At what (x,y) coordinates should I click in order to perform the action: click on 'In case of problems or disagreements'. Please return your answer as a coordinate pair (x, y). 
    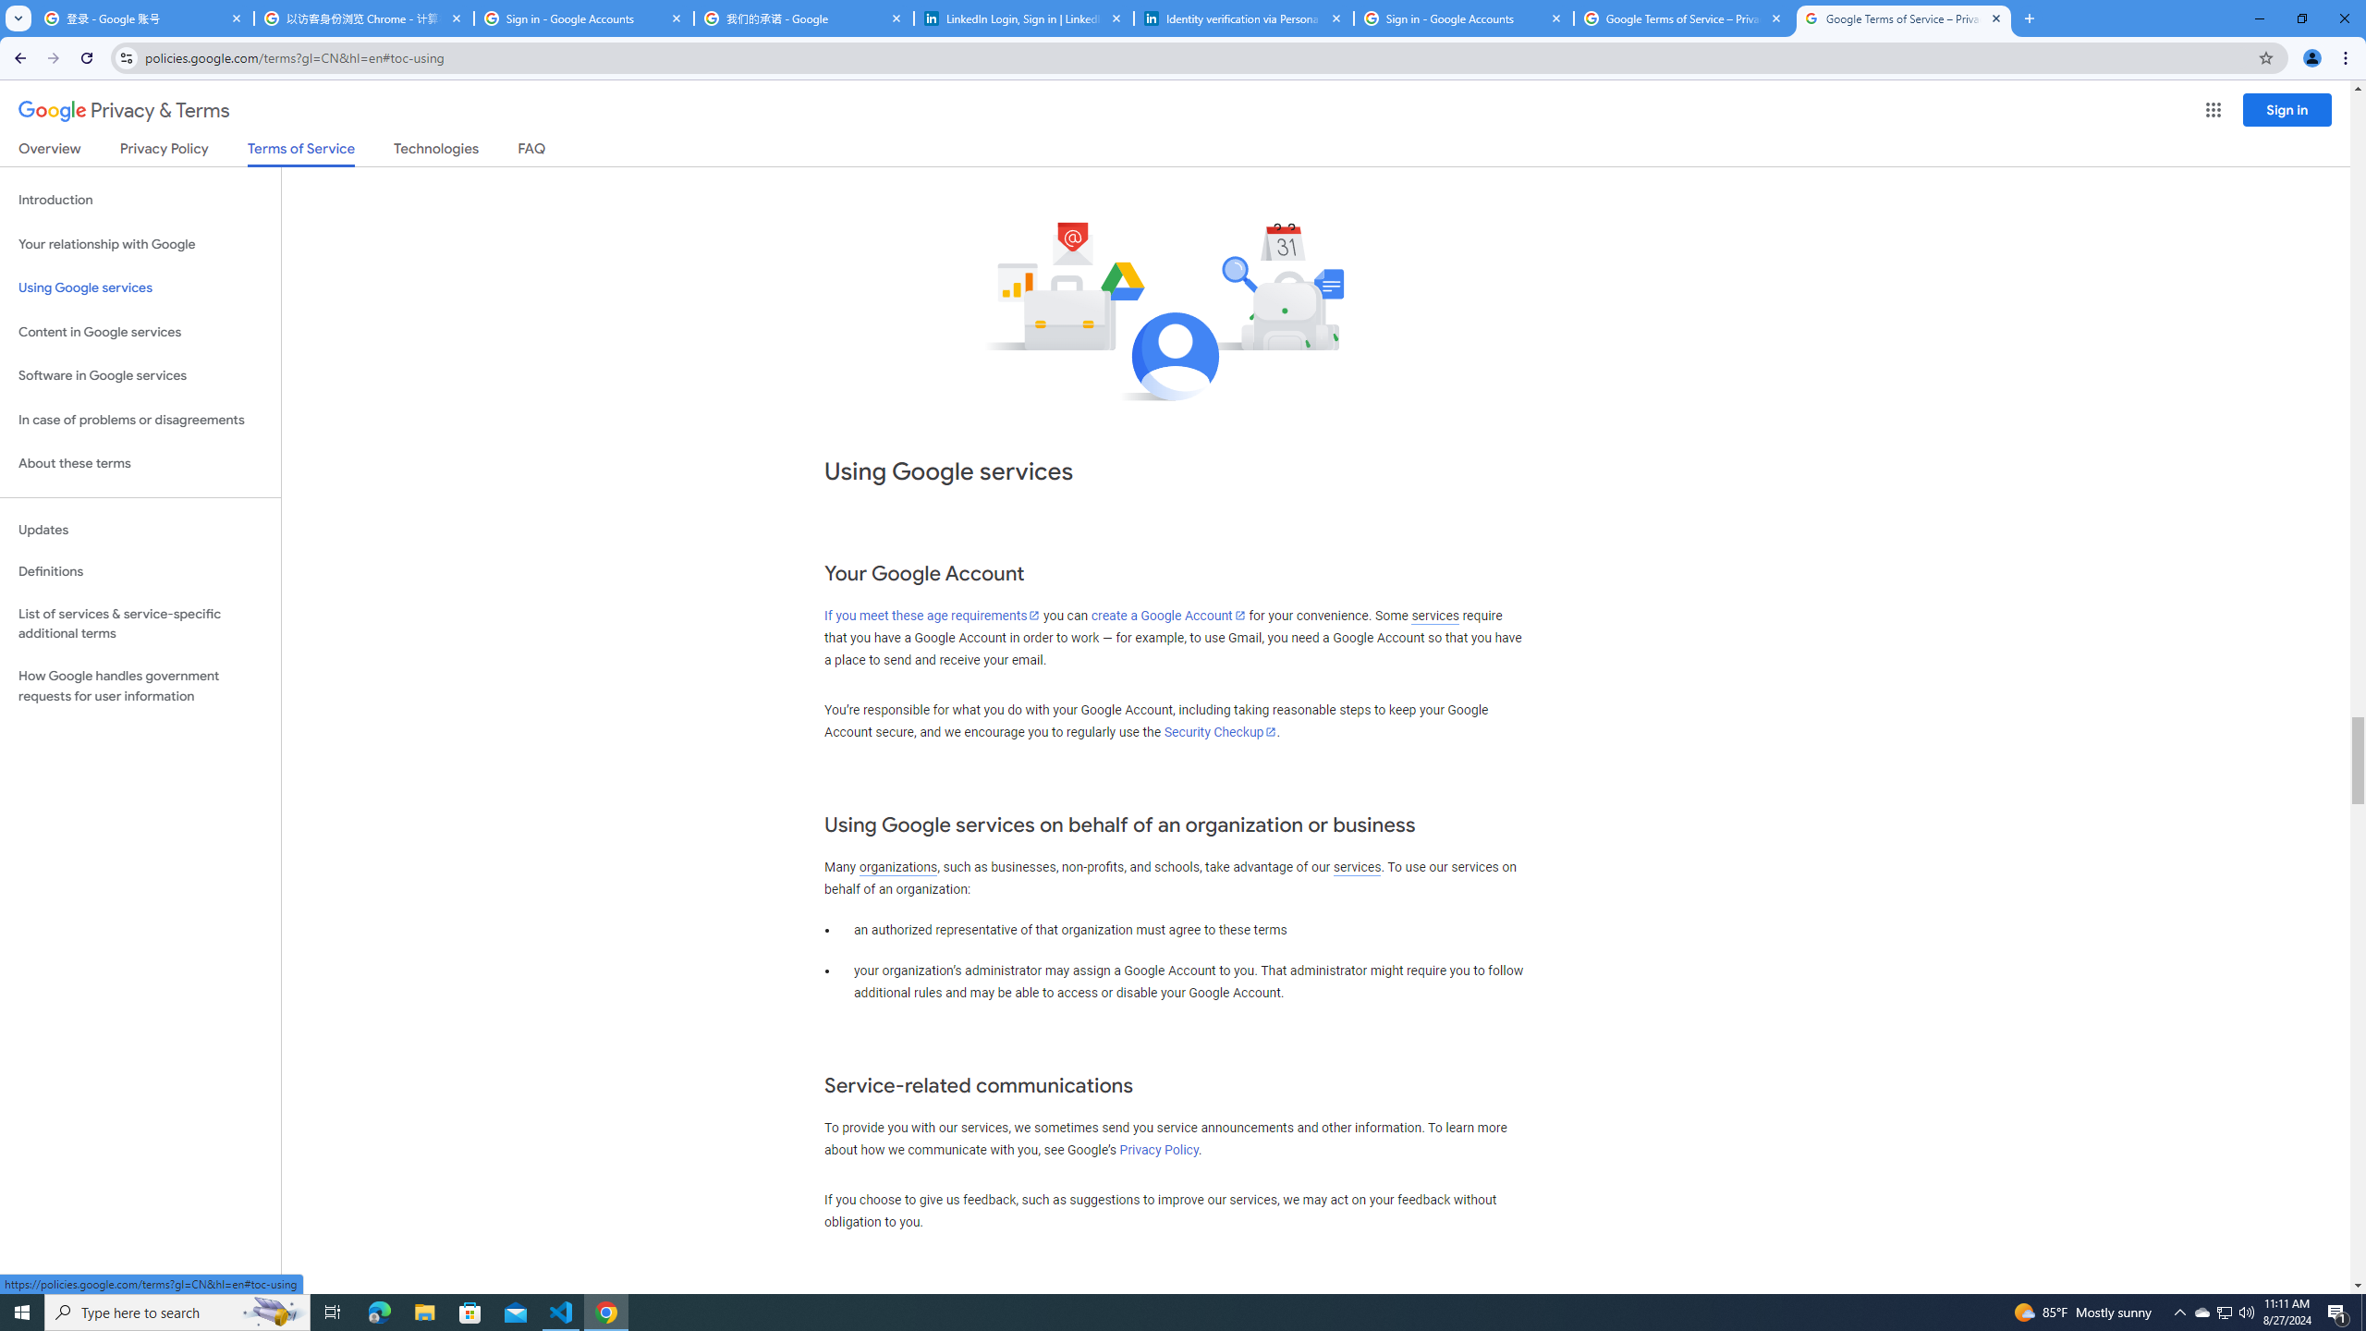
    Looking at the image, I should click on (140, 421).